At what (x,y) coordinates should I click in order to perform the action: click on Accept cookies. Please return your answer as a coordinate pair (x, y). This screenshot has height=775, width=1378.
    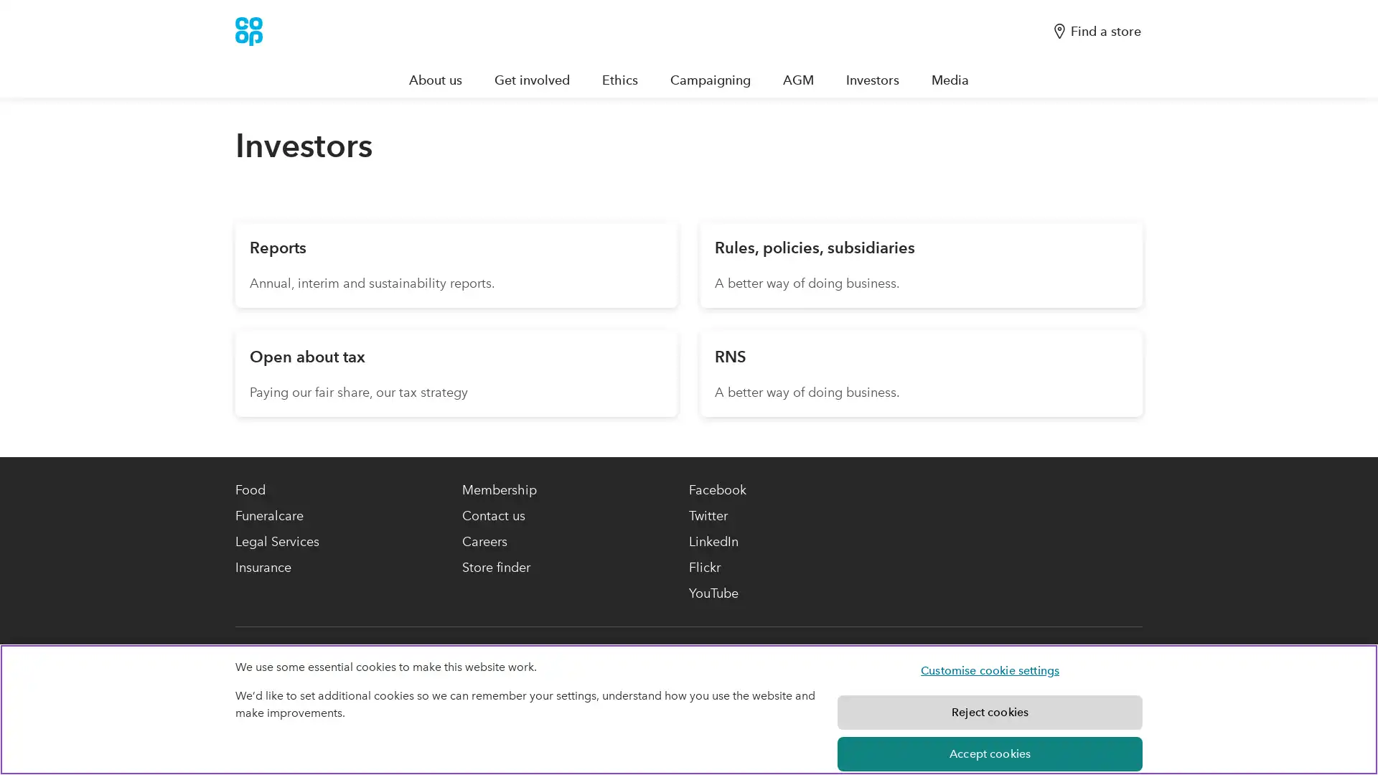
    Looking at the image, I should click on (988, 753).